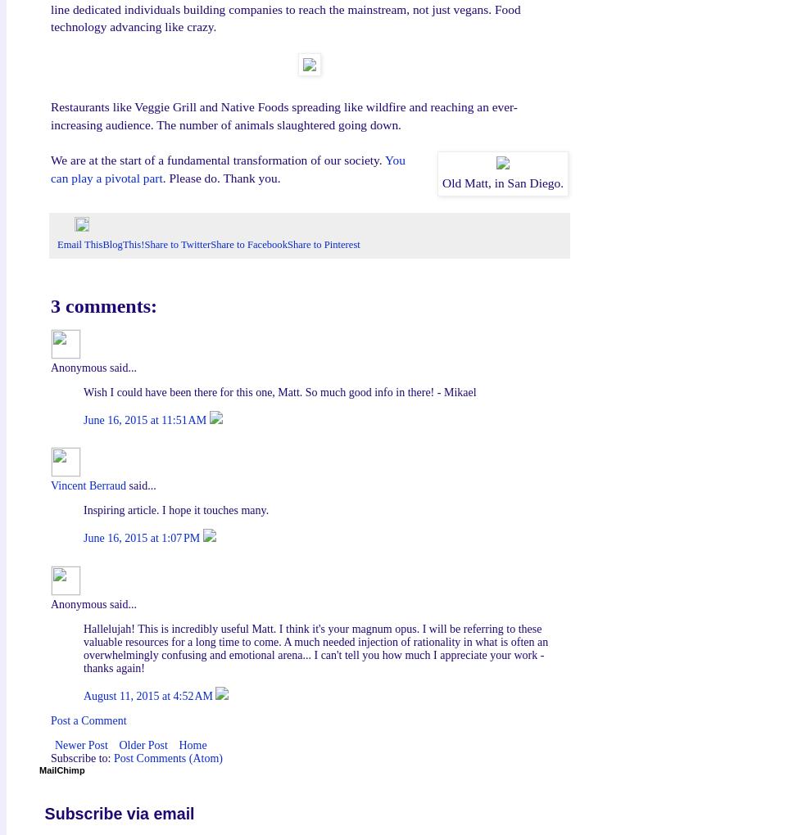  I want to click on 'Old Matt, in San Diego.', so click(502, 182).